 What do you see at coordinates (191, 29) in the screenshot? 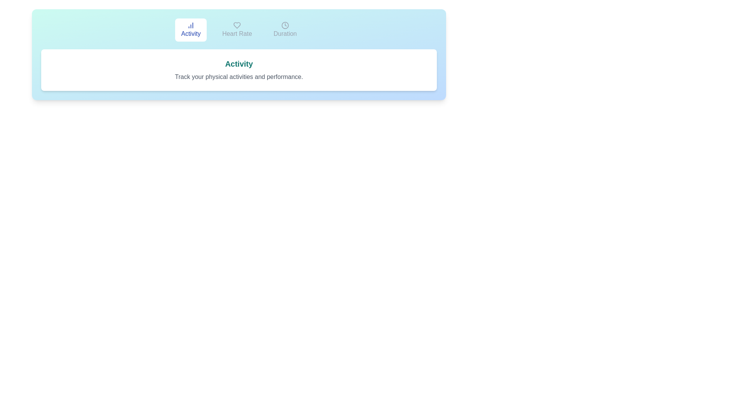
I see `the Activity tab by clicking on it` at bounding box center [191, 29].